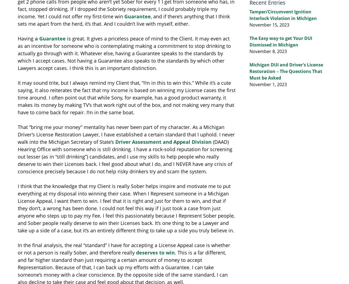 Image resolution: width=349 pixels, height=284 pixels. What do you see at coordinates (124, 249) in the screenshot?
I see `'In the final analysis, the real “standard” I have for accepting a License Appeal case is whether or not a person is really Sober, and therefore really'` at bounding box center [124, 249].